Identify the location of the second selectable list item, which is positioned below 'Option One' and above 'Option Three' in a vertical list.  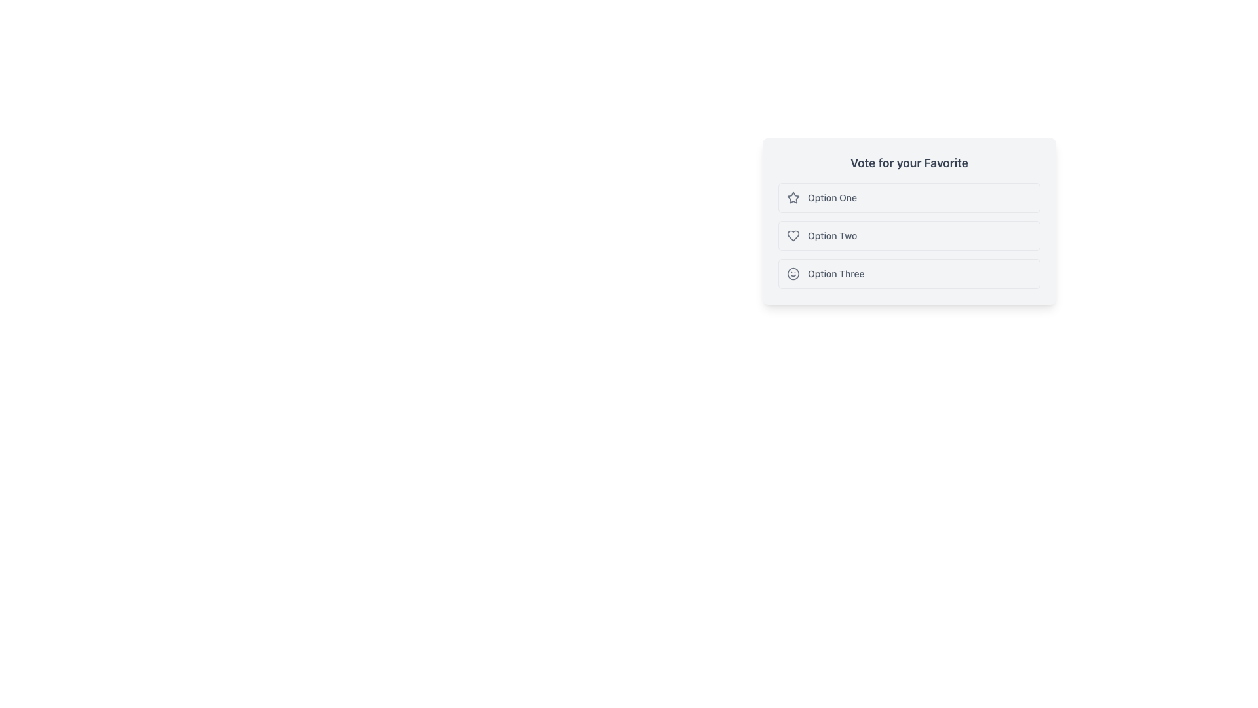
(908, 235).